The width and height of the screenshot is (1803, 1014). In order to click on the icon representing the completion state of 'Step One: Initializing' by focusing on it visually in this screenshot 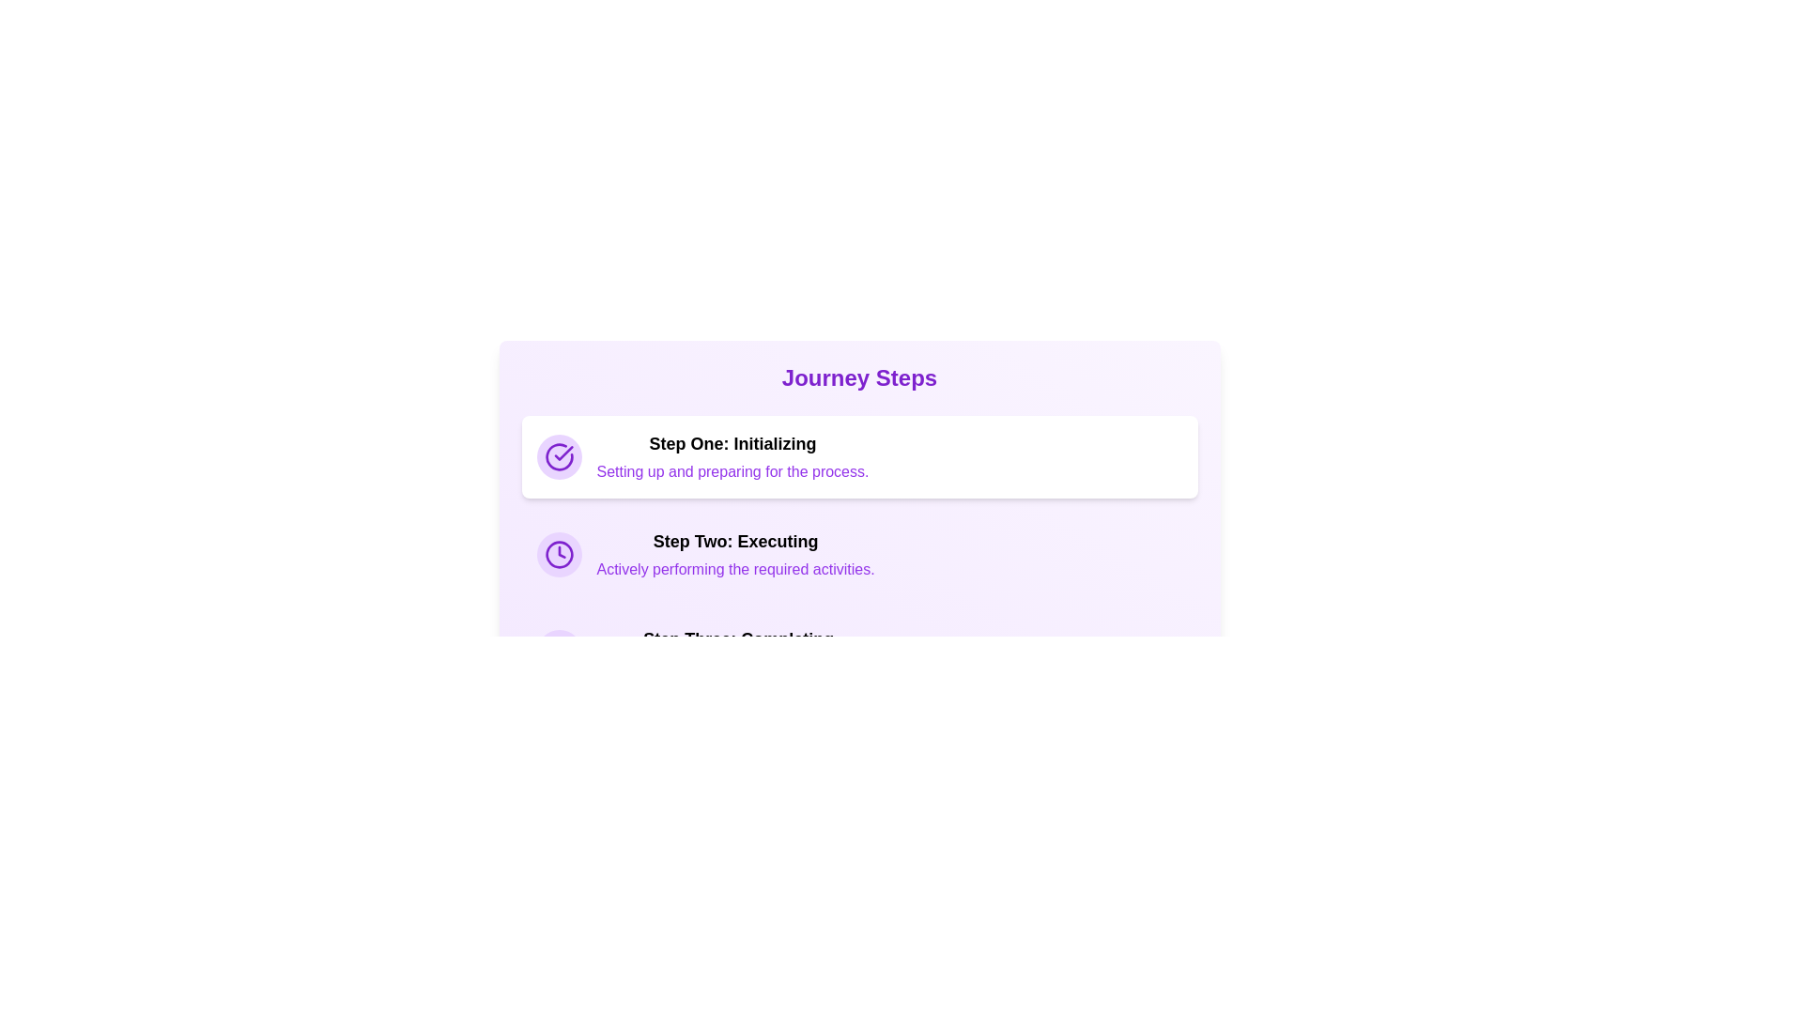, I will do `click(558, 456)`.